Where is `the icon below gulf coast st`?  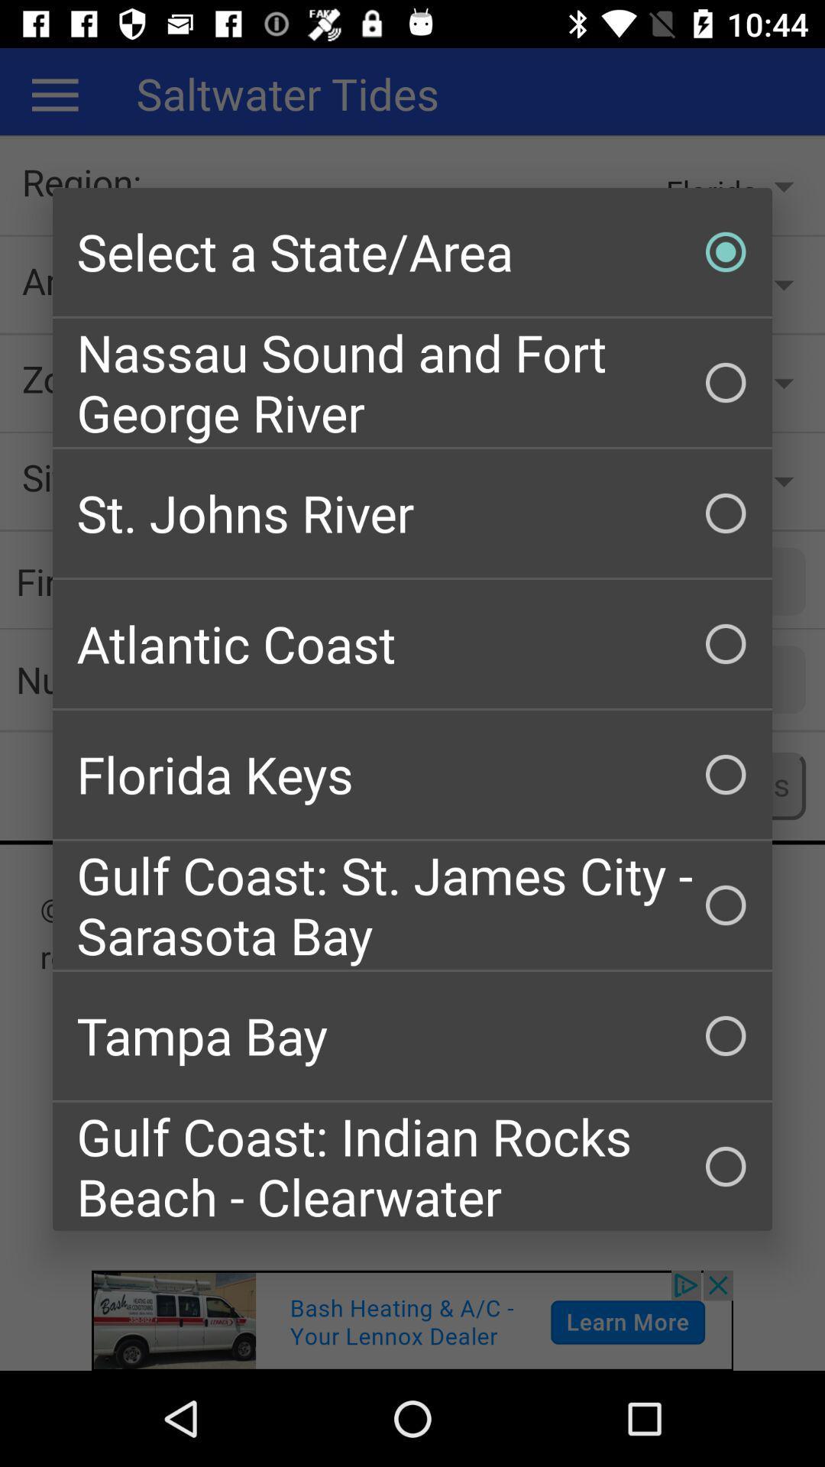 the icon below gulf coast st is located at coordinates (412, 1036).